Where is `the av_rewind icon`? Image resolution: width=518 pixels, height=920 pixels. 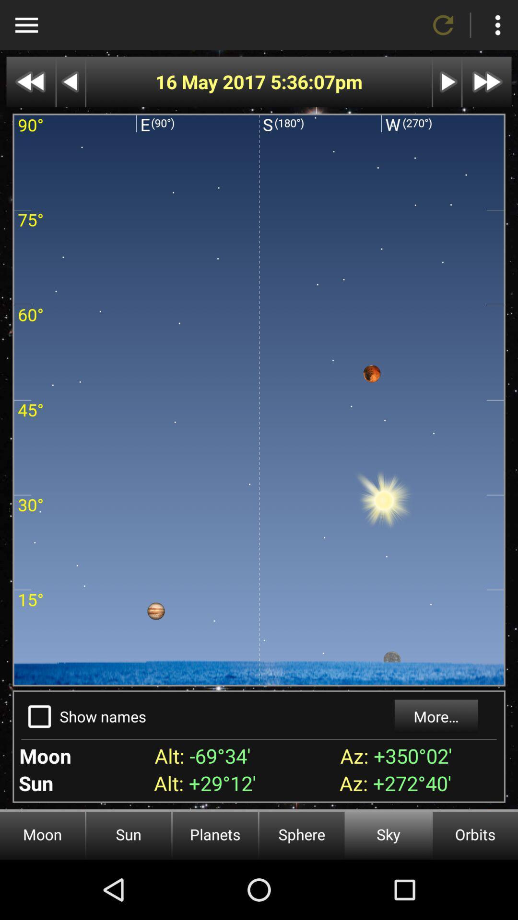
the av_rewind icon is located at coordinates (30, 82).